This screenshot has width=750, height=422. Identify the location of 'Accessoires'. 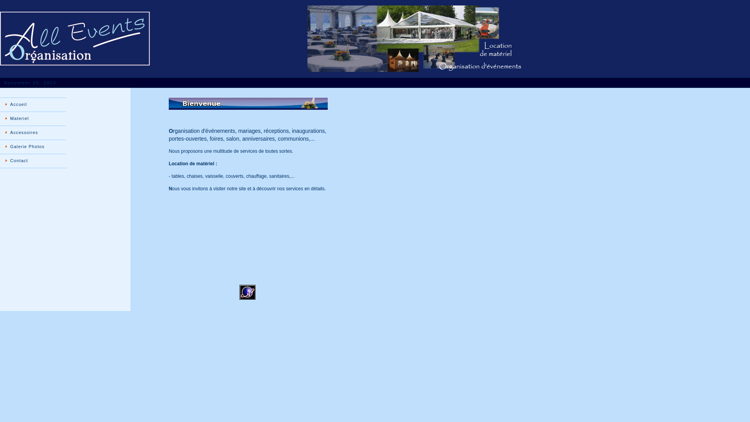
(33, 132).